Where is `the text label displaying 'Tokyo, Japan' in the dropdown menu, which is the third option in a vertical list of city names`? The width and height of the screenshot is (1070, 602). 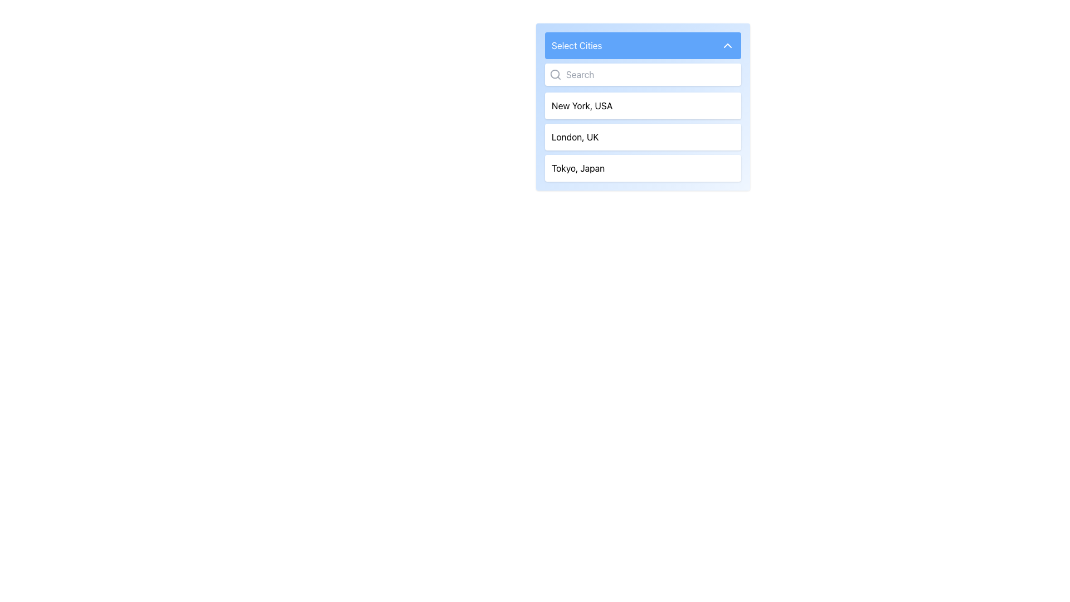
the text label displaying 'Tokyo, Japan' in the dropdown menu, which is the third option in a vertical list of city names is located at coordinates (578, 168).